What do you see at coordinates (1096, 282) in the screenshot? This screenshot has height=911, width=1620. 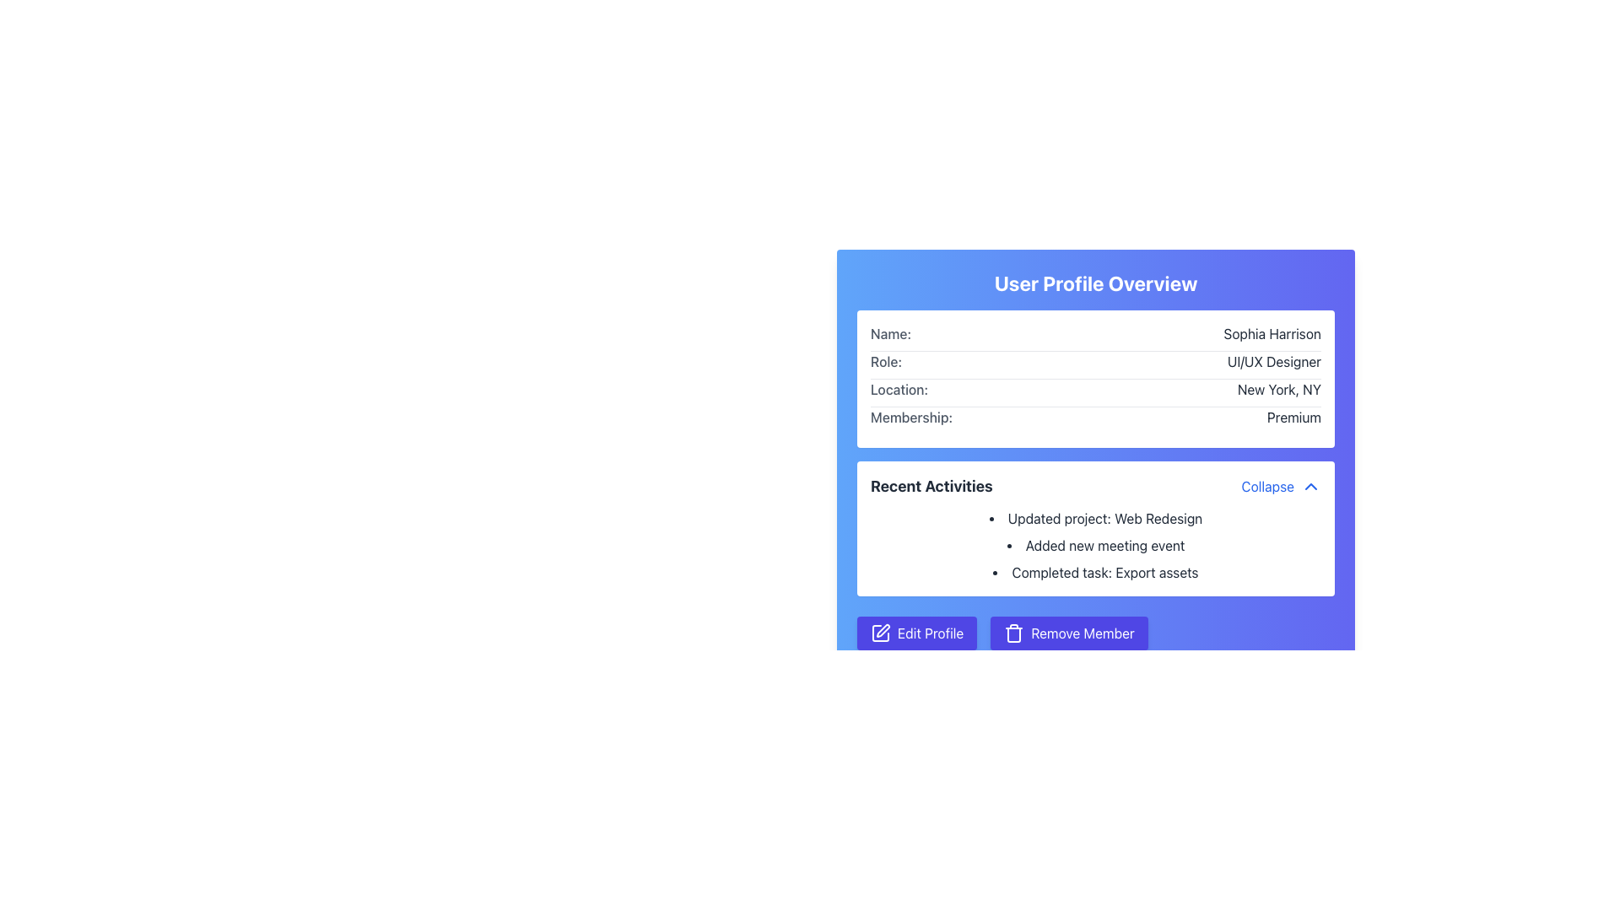 I see `the centered text header displaying 'User Profile Overview', which is positioned at the top of the profile card` at bounding box center [1096, 282].